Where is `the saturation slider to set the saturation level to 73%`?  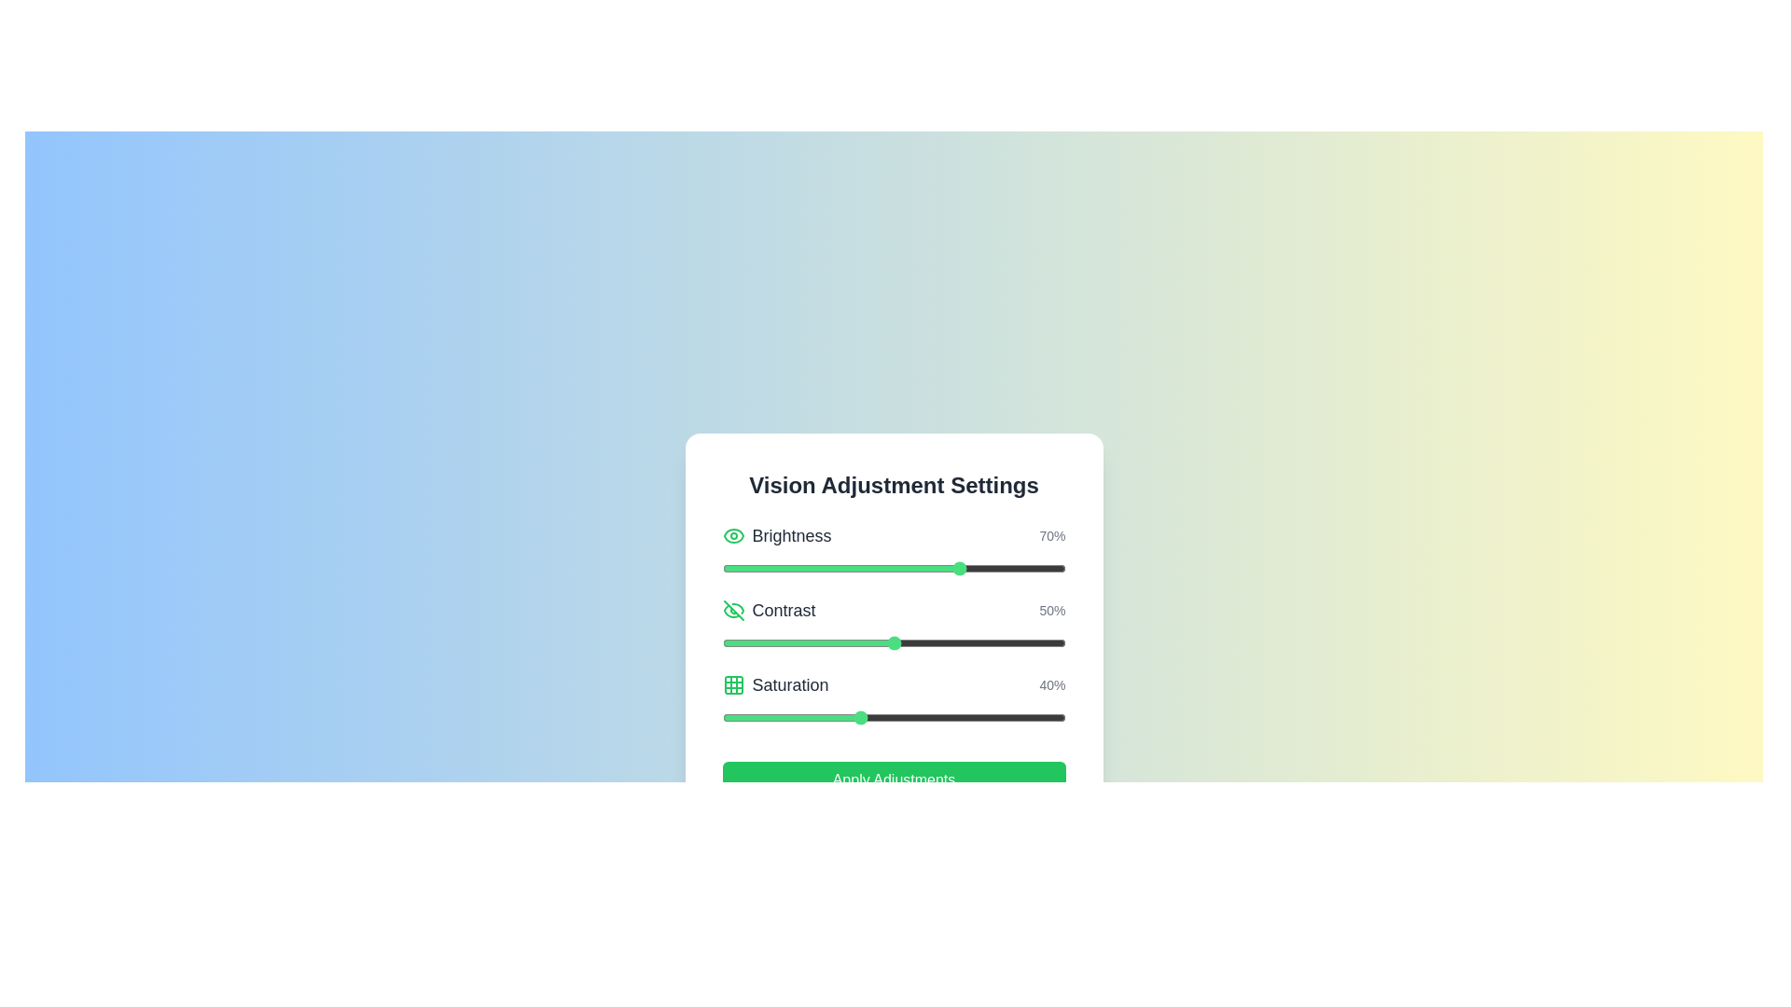 the saturation slider to set the saturation level to 73% is located at coordinates (972, 717).